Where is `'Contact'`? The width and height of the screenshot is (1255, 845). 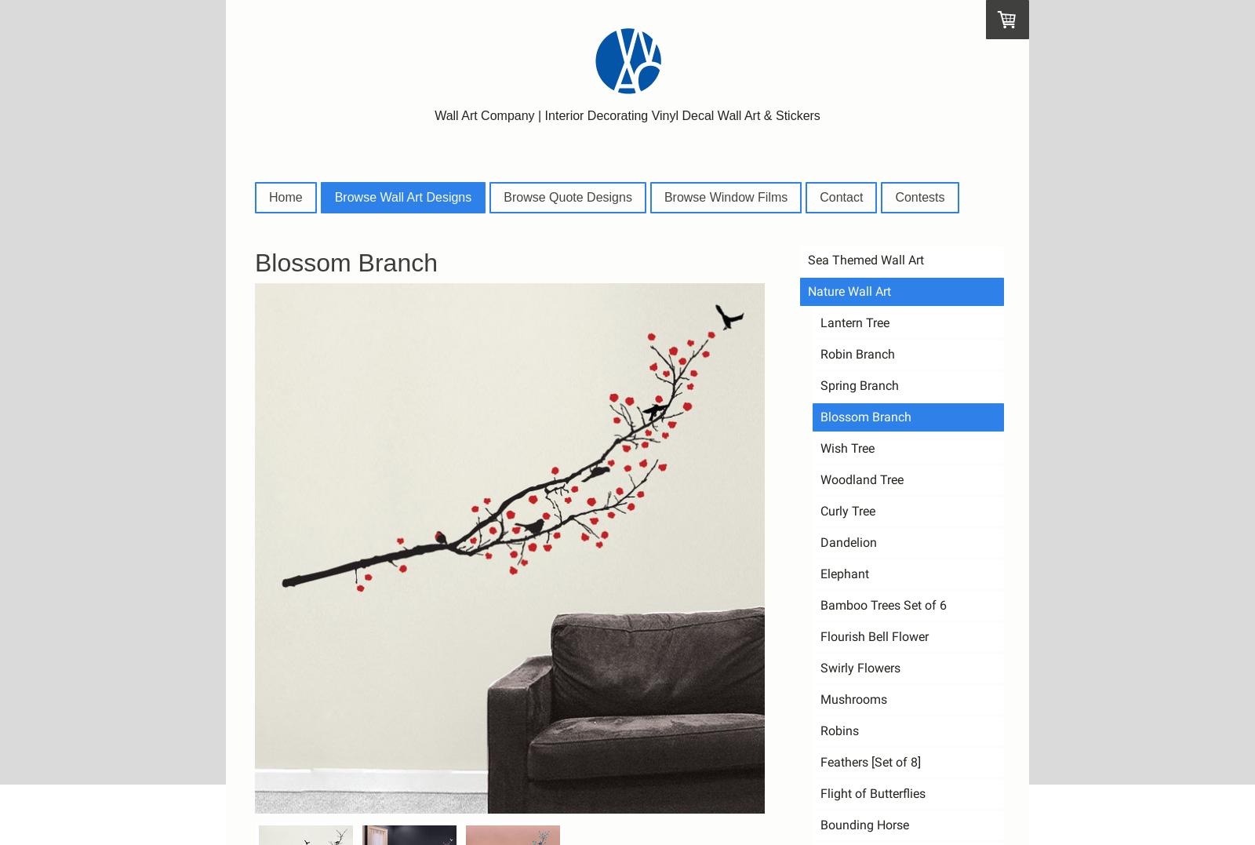 'Contact' is located at coordinates (819, 195).